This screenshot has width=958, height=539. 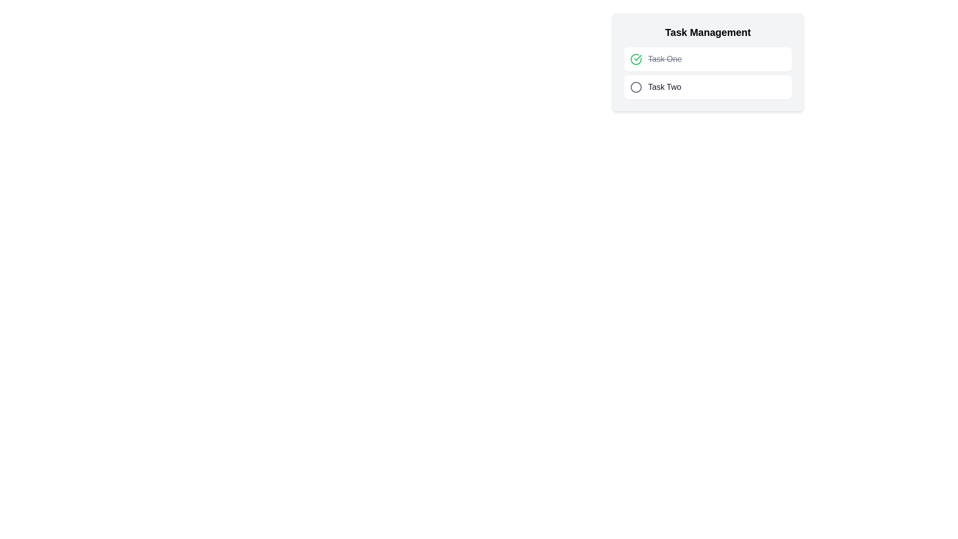 I want to click on the circular gray icon button located to the left of the text 'Task Two', so click(x=636, y=86).